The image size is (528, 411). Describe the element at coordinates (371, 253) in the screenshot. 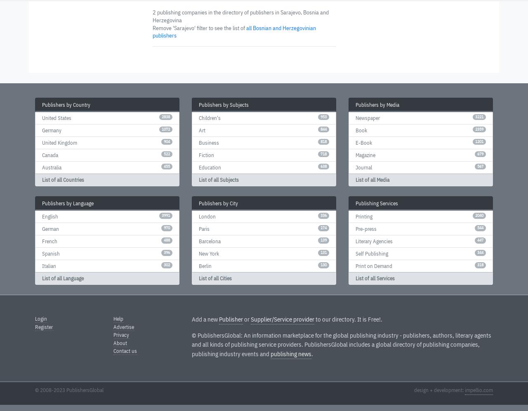

I see `'Self Publishing'` at that location.